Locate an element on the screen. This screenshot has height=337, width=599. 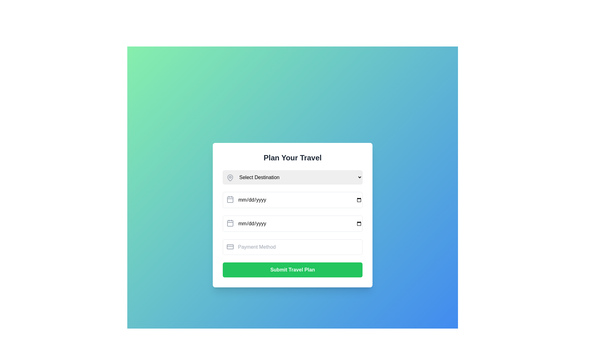
the submission button located at the bottom of the vertical form layout, which finalizes and submits the user's travel plan details is located at coordinates (292, 269).